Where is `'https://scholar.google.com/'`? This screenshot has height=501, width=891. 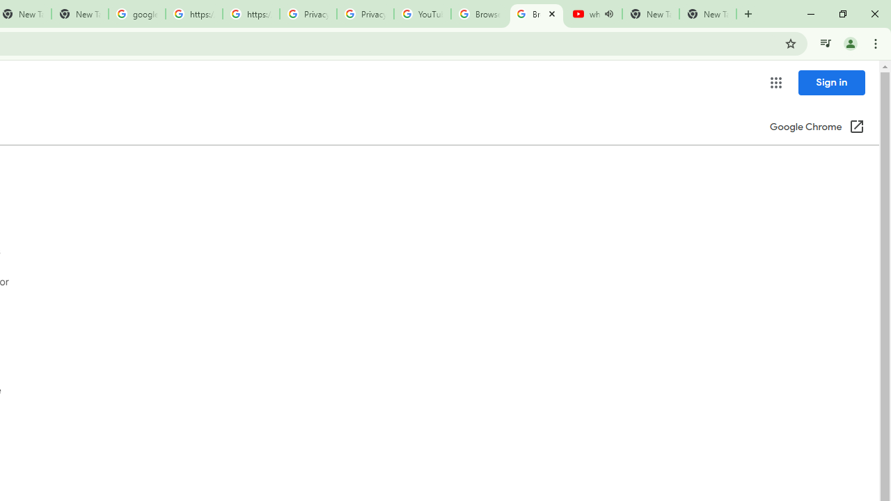
'https://scholar.google.com/' is located at coordinates (194, 14).